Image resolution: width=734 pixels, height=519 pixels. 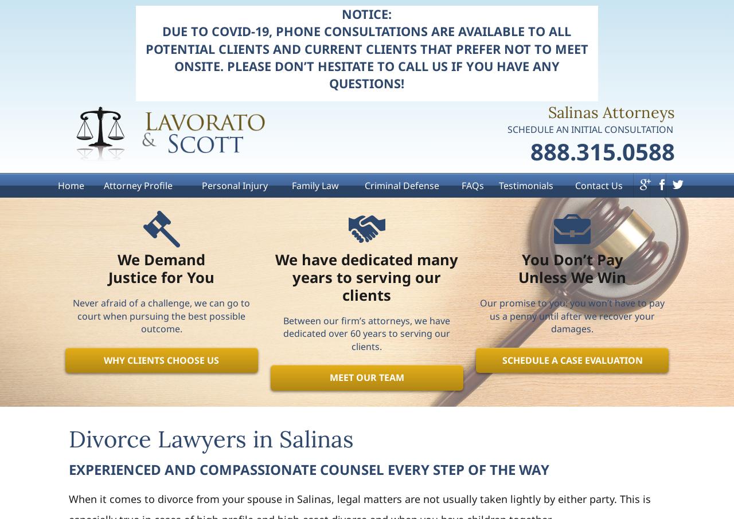 I want to click on 'Schedule a Case Evaluation', so click(x=572, y=360).